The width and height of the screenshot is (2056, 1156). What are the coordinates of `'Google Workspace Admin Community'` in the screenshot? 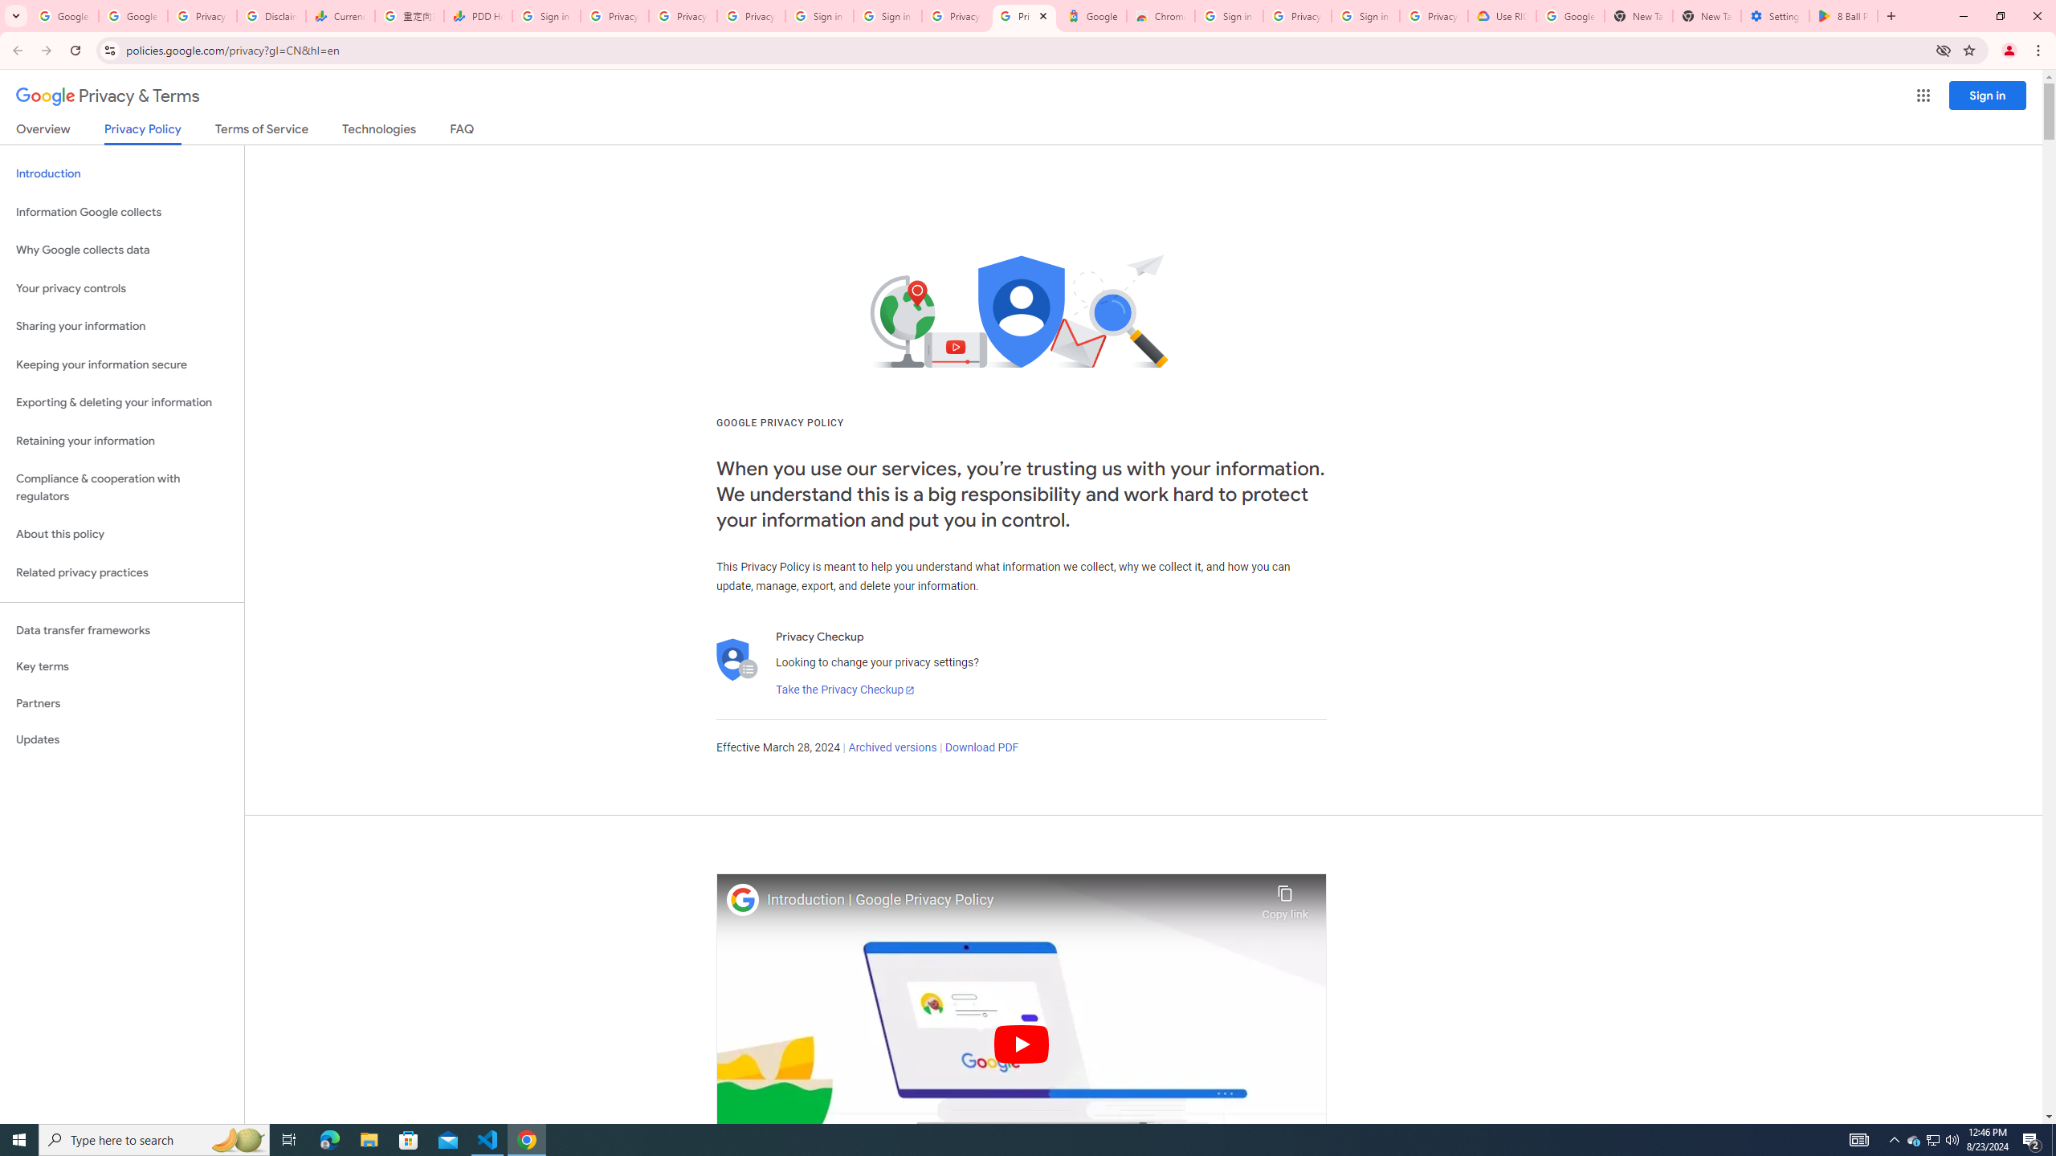 It's located at (64, 15).